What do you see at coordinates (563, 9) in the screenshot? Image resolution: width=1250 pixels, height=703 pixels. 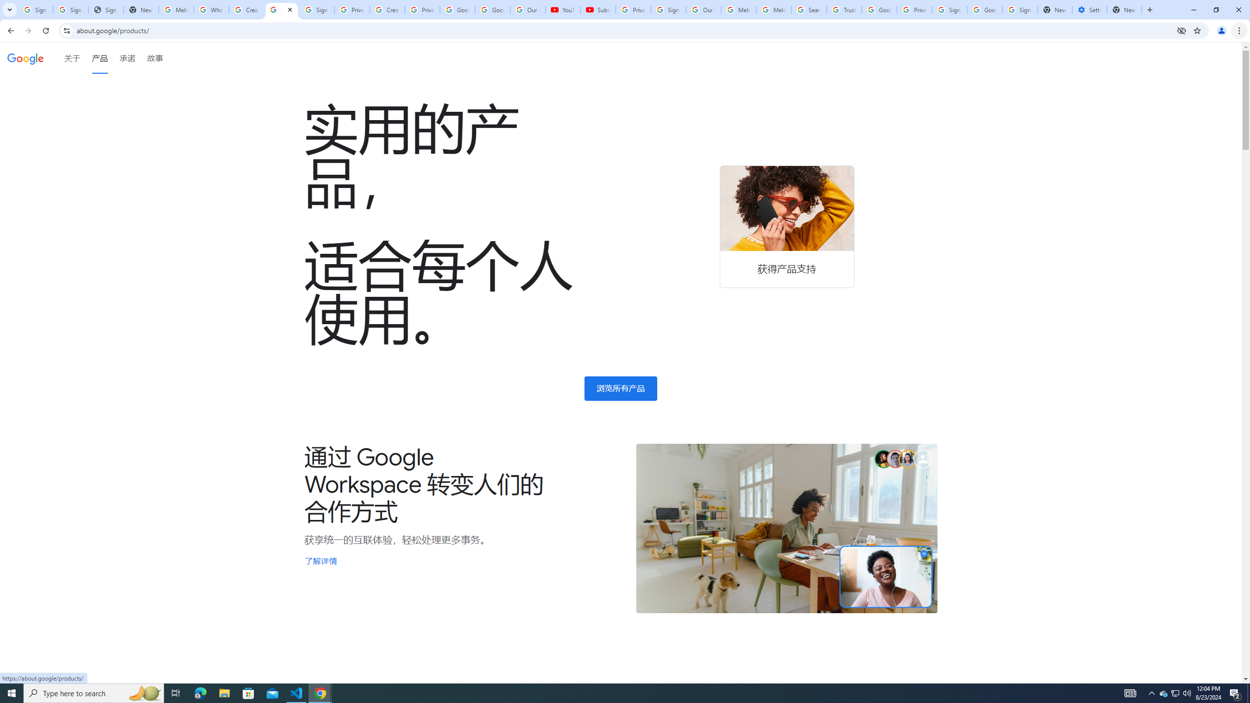 I see `'YouTube'` at bounding box center [563, 9].